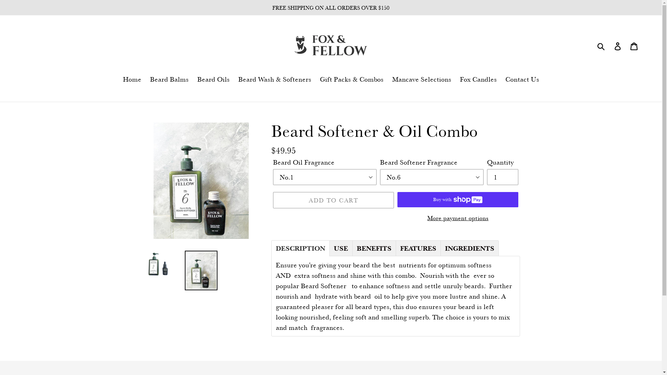 The image size is (667, 375). What do you see at coordinates (470, 248) in the screenshot?
I see `'INGREDIENTS'` at bounding box center [470, 248].